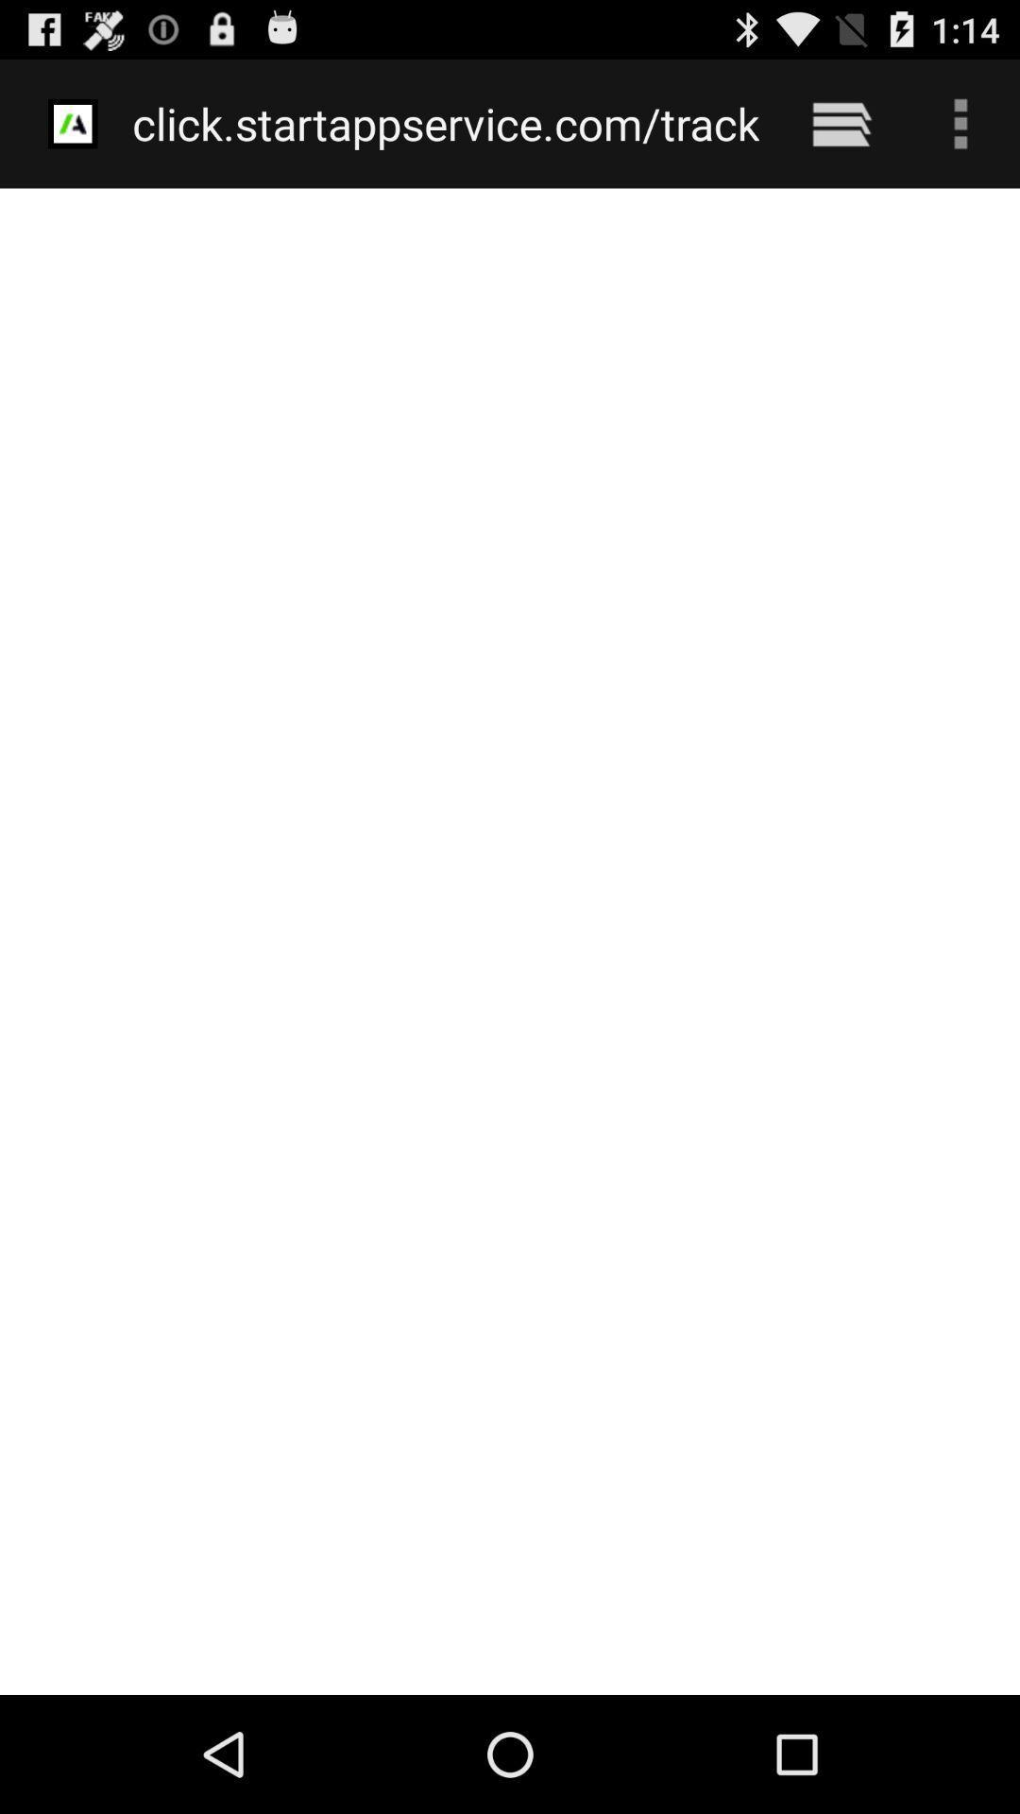 Image resolution: width=1020 pixels, height=1814 pixels. I want to click on click startappservice com item, so click(446, 123).